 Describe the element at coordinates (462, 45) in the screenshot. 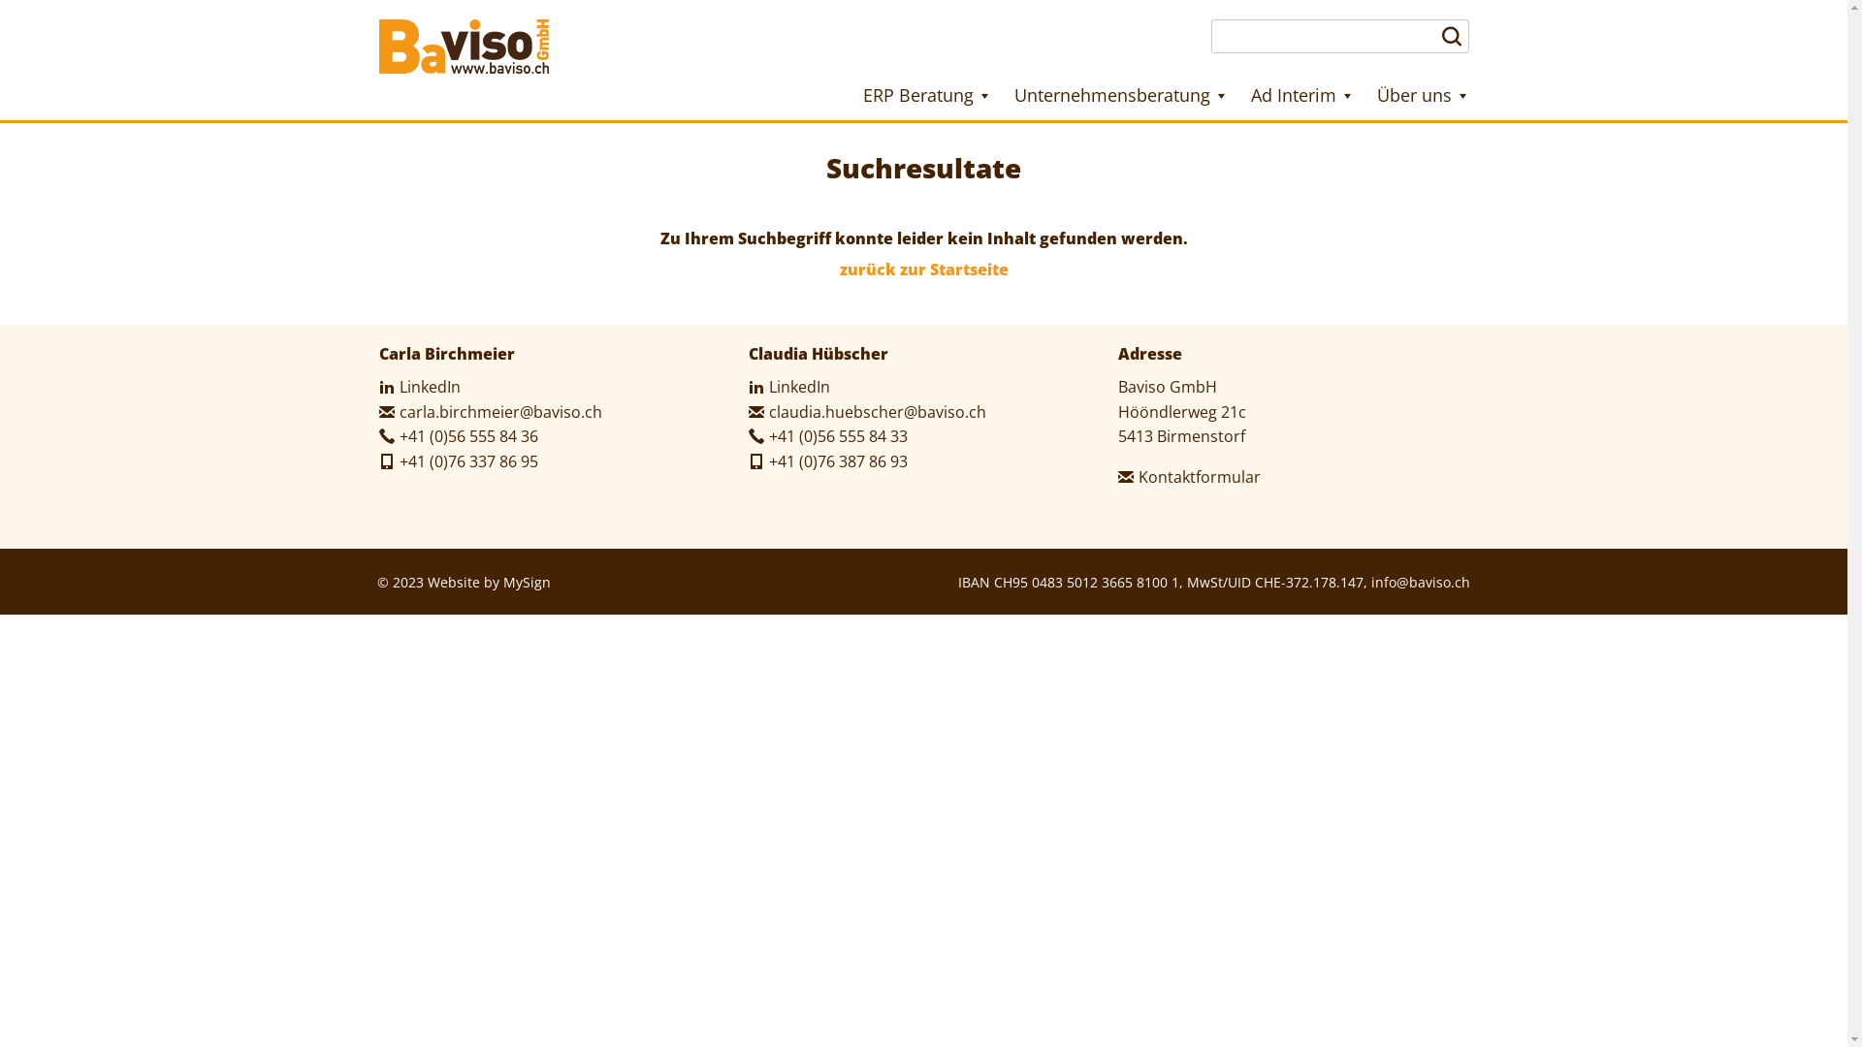

I see `'Baviso GmbH'` at that location.